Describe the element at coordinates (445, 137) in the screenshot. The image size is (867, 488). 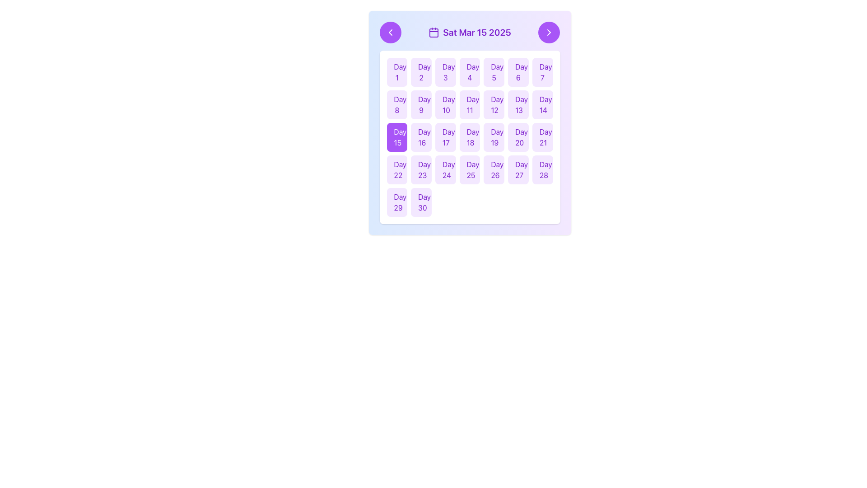
I see `the 'Day 17' button, which is a rounded rectangular button with a light purple background and darker purple text, located in the third row and third column of a calendar layout` at that location.